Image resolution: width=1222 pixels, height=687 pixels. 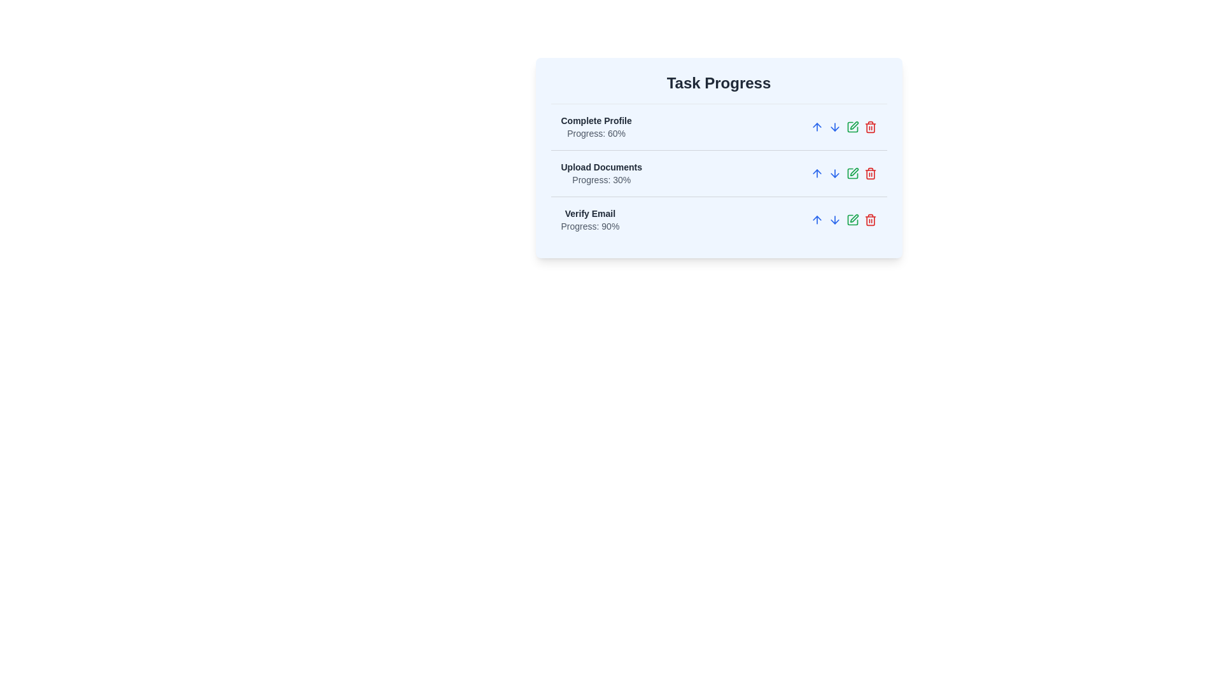 I want to click on the text label displaying 'Progress: 90%' that is styled in gray and positioned below the 'Verify Email' heading, indicating task progress, so click(x=589, y=225).